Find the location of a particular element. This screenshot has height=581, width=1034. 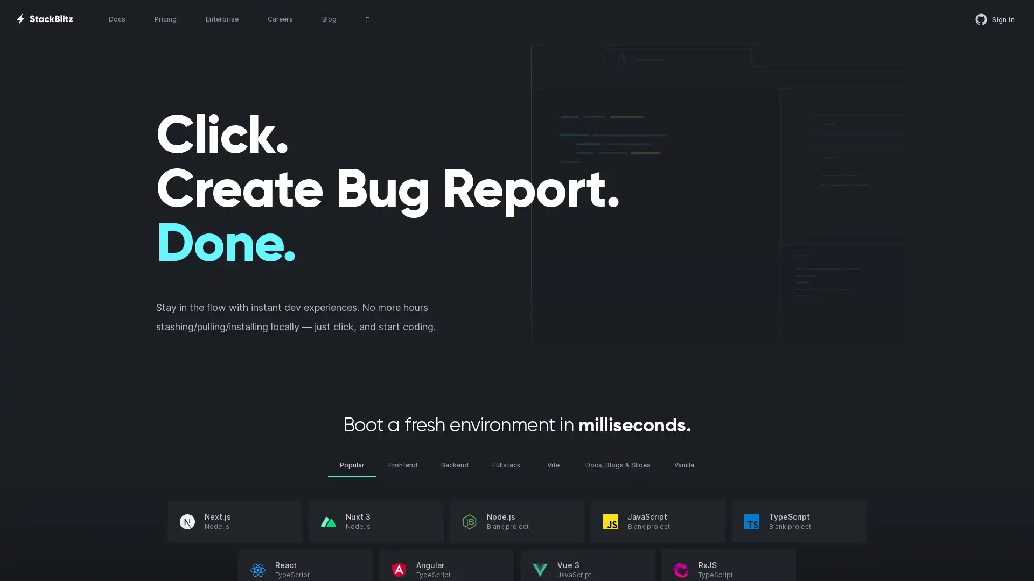

Popular is located at coordinates (352, 464).